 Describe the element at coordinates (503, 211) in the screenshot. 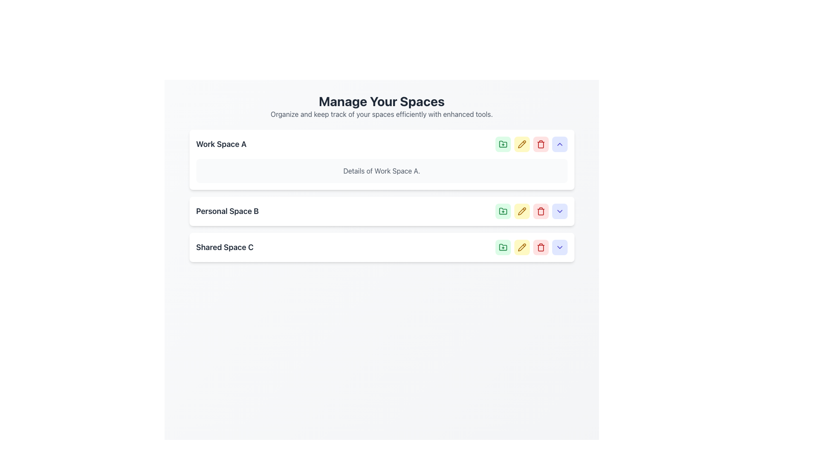

I see `the icon to the right of 'Shared Space C' in the third row of the space list` at that location.